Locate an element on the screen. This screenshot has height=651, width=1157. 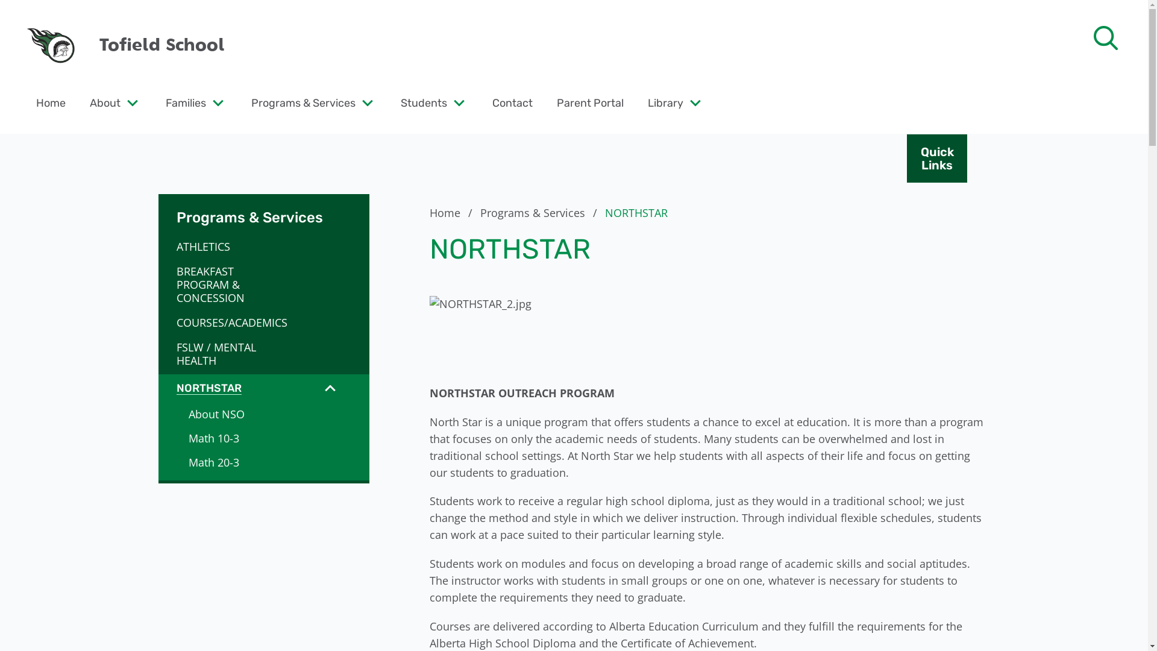
'Contact' is located at coordinates (512, 102).